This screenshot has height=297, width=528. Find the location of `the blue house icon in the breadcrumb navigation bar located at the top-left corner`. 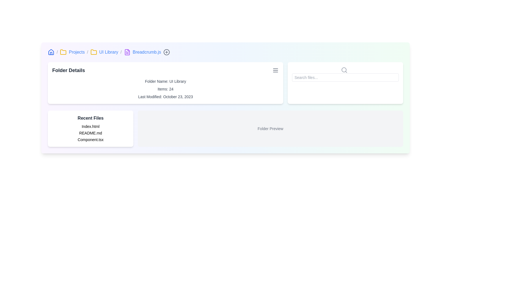

the blue house icon in the breadcrumb navigation bar located at the top-left corner is located at coordinates (51, 52).